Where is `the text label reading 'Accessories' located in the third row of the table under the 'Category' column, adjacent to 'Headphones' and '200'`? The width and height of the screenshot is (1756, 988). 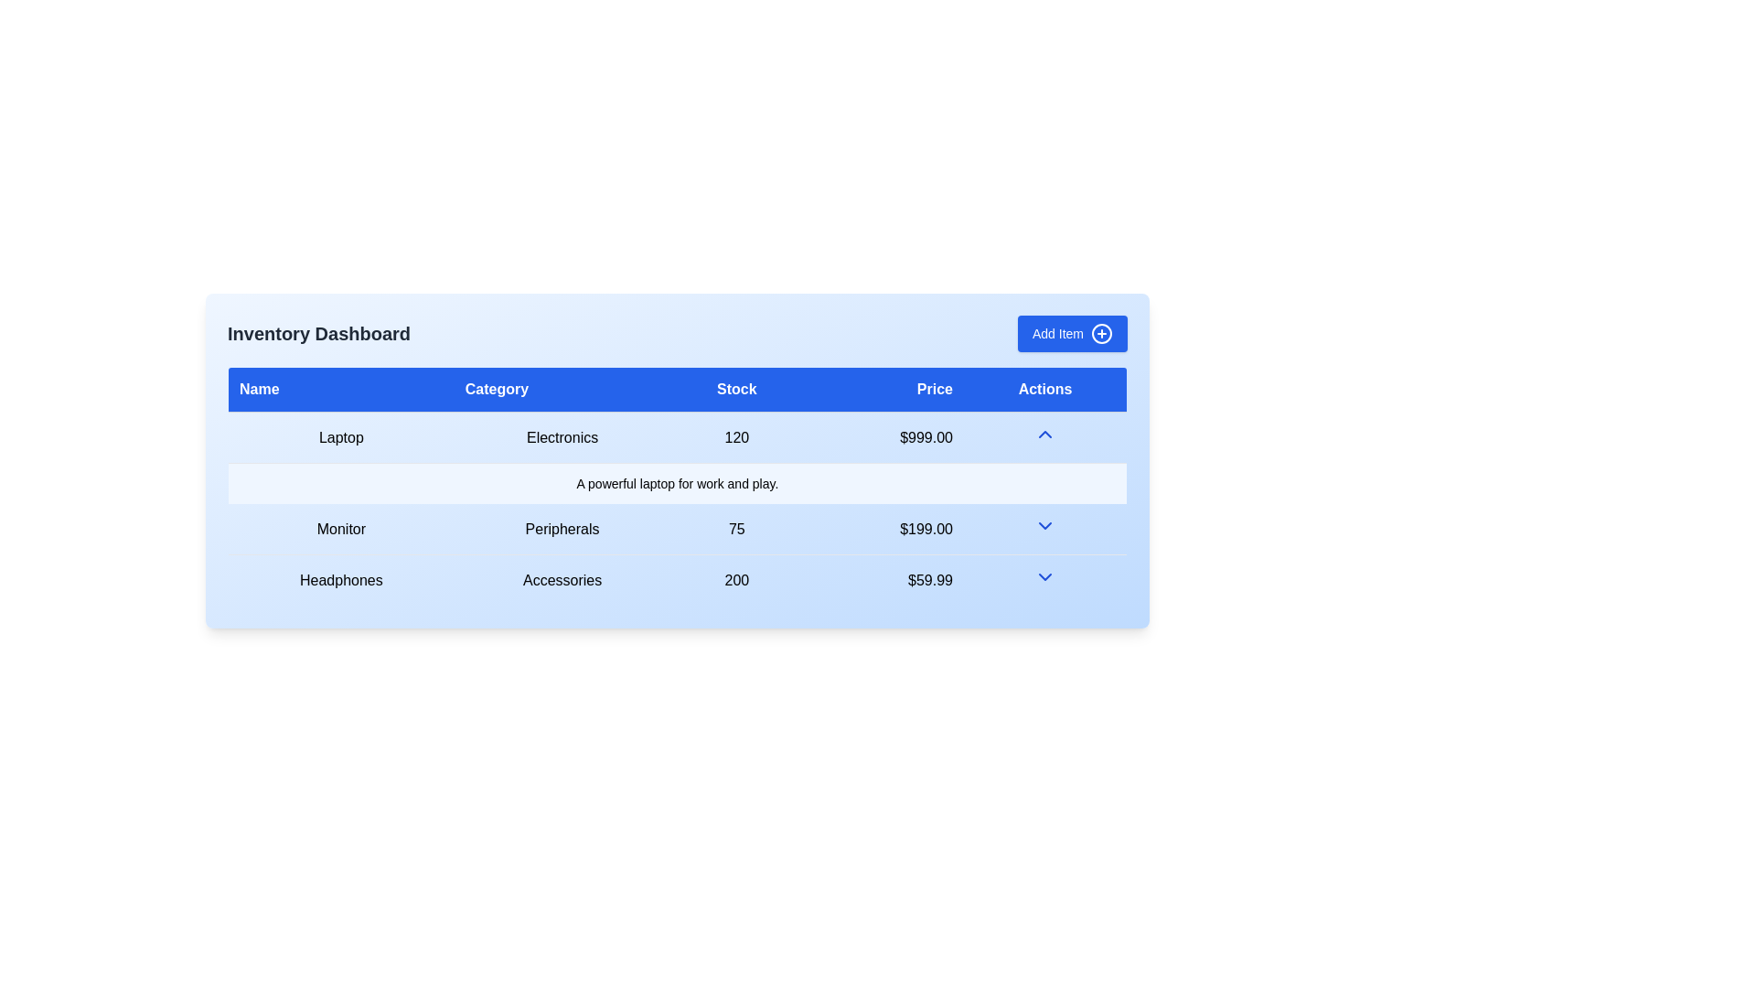 the text label reading 'Accessories' located in the third row of the table under the 'Category' column, adjacent to 'Headphones' and '200' is located at coordinates (562, 580).